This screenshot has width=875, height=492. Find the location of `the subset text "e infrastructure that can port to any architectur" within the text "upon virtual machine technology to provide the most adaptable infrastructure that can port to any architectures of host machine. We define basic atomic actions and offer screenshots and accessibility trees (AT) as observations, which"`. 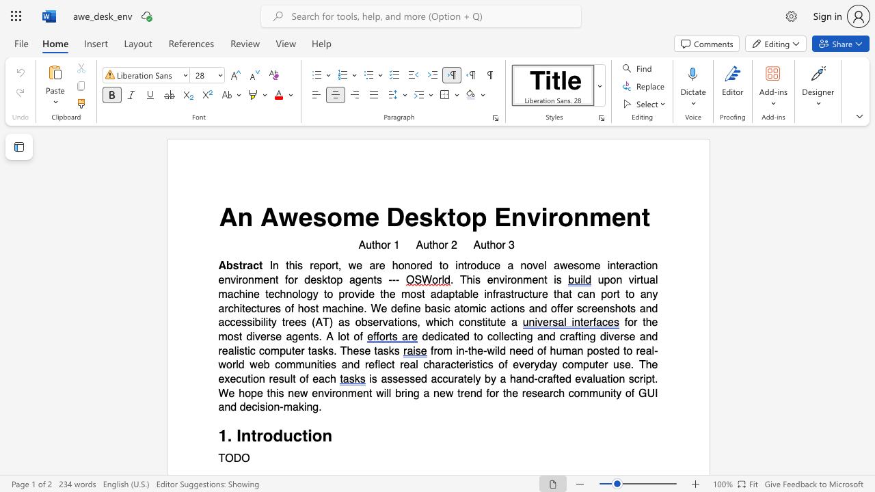

the subset text "e infrastructure that can port to any architectur" within the text "upon virtual machine technology to provide the most adaptable infrastructure that can port to any architectures of host machine. We define basic atomic actions and offer screenshots and accessibility trees (AT) as observations, which" is located at coordinates (472, 293).